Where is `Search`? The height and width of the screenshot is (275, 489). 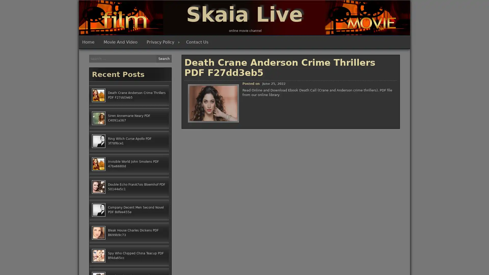
Search is located at coordinates (164, 58).